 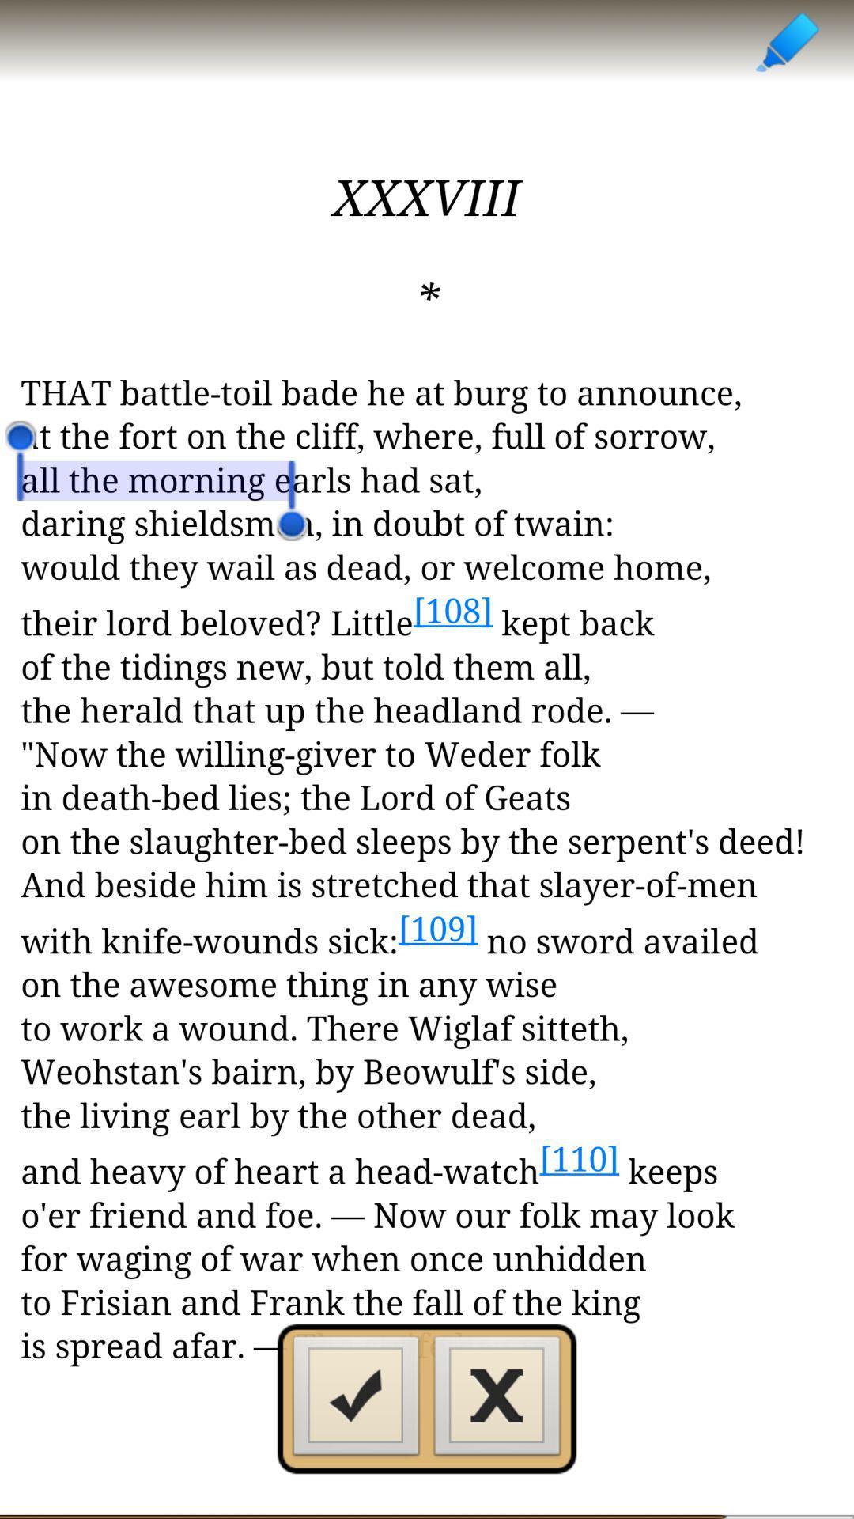 What do you see at coordinates (786, 41) in the screenshot?
I see `take a note` at bounding box center [786, 41].